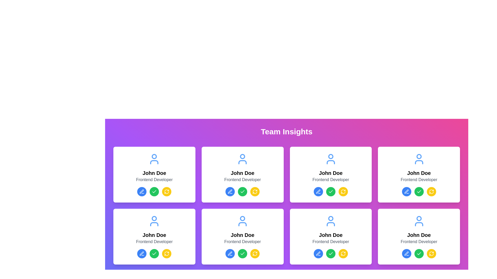  Describe the element at coordinates (318, 253) in the screenshot. I see `the 'edit' icon button located in the bottom-left corner of the lower-right user profile card within the 'Team Insights' section to initiate editing` at that location.